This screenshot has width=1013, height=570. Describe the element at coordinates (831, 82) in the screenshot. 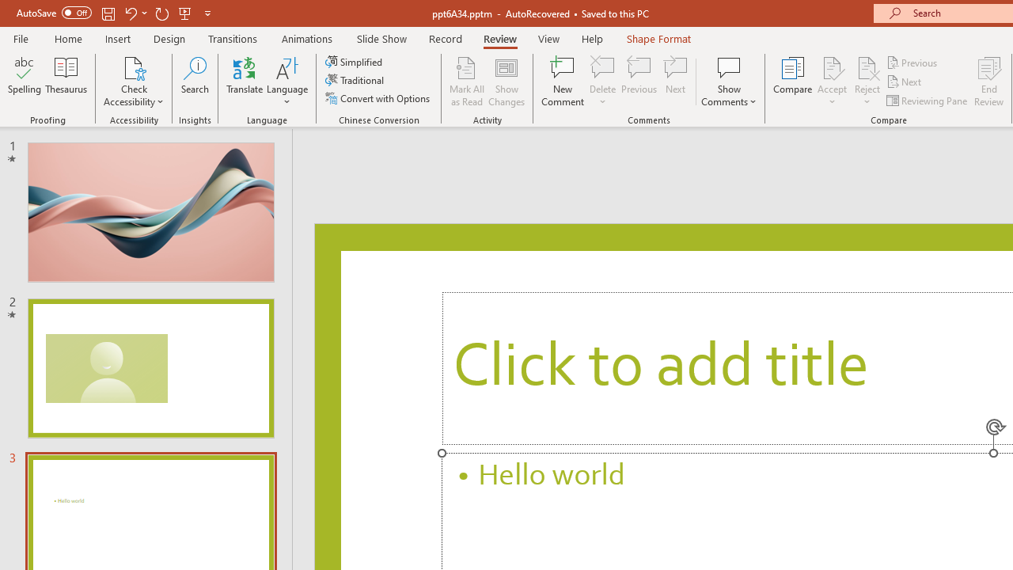

I see `'Accept'` at that location.